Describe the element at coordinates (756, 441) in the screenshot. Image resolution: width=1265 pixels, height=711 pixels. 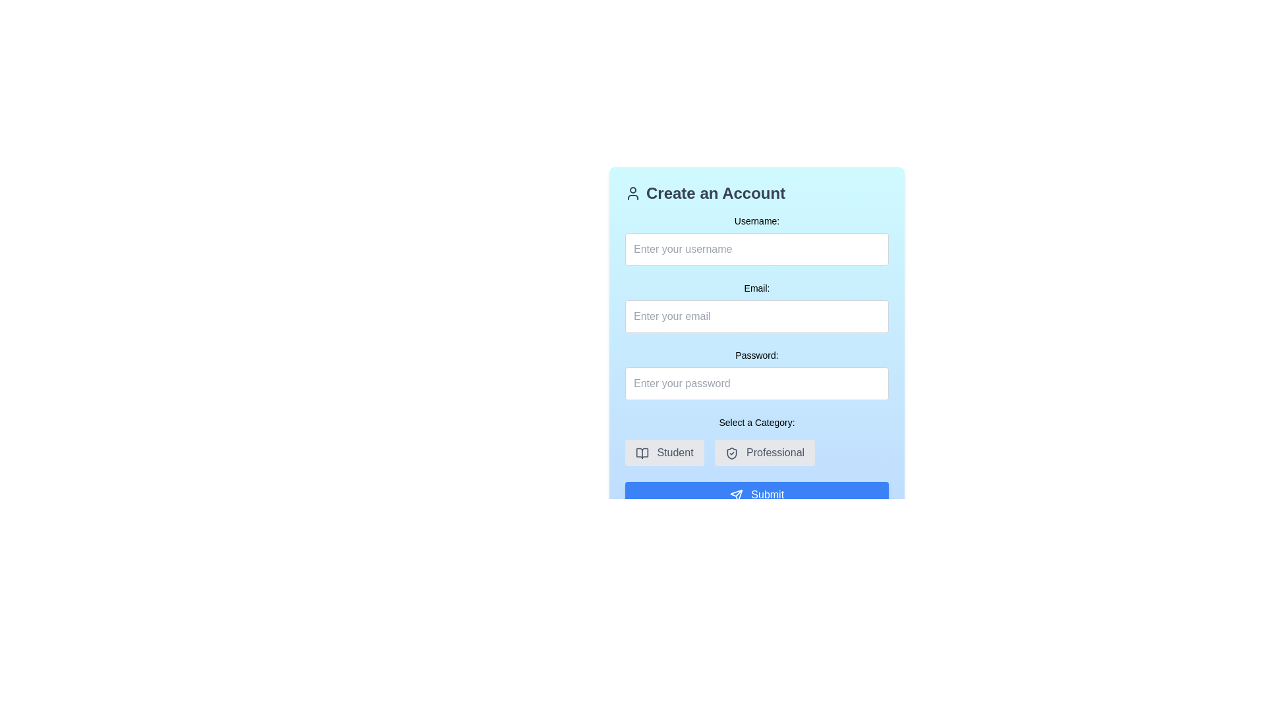
I see `the labeled button group titled 'Select a Category:'` at that location.